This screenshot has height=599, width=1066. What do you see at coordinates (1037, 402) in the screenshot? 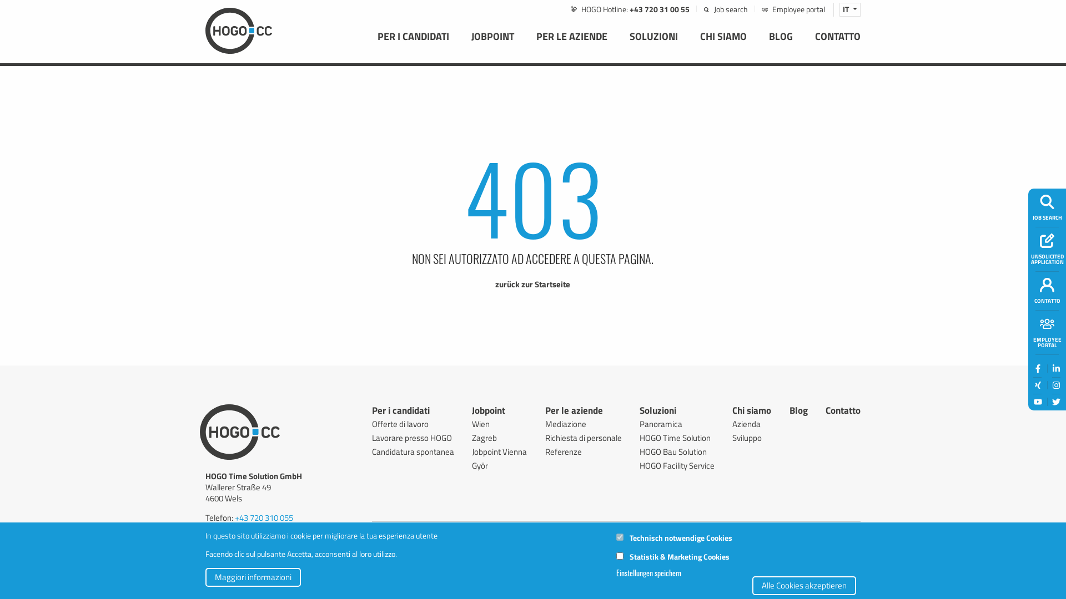
I see `'Follow us on YouTube'` at bounding box center [1037, 402].